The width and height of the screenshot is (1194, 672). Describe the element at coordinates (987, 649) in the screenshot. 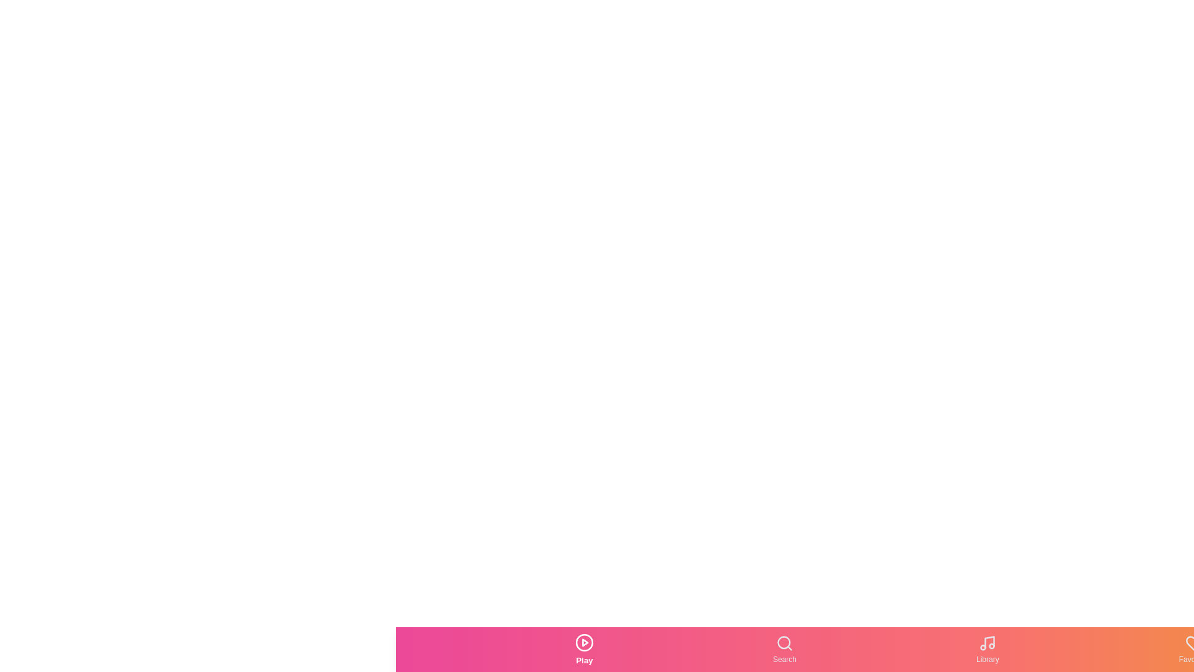

I see `the Library tab to navigate to the corresponding section` at that location.